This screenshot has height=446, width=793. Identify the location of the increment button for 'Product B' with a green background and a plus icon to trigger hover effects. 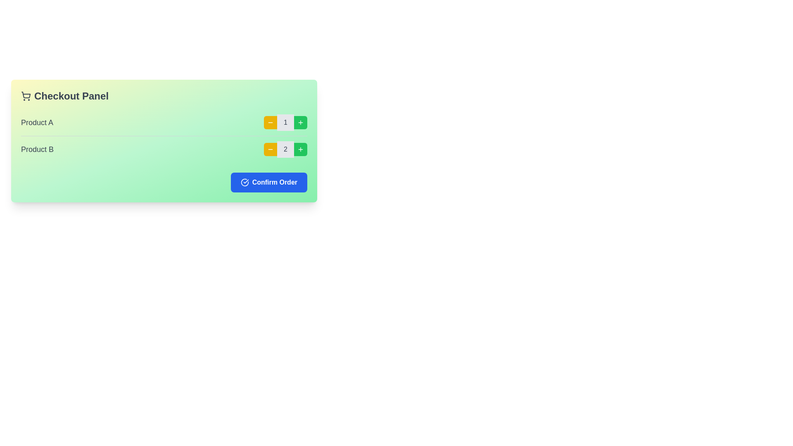
(300, 149).